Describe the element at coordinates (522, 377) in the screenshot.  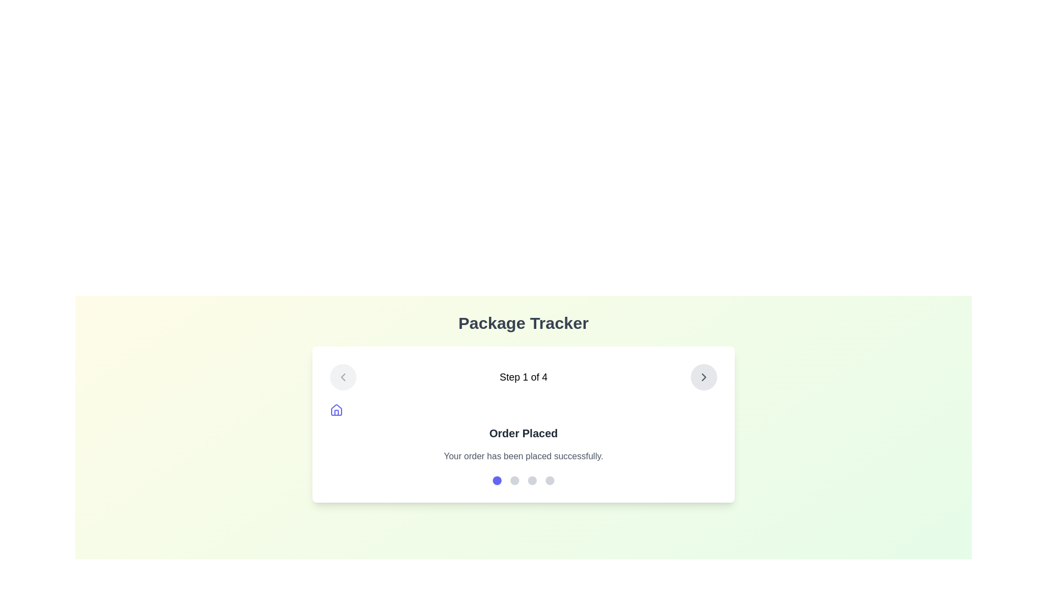
I see `the static text label that indicates the user's current step in the multi-step process, located centrally between two circular arrow buttons on a horizontal alignment bar` at that location.